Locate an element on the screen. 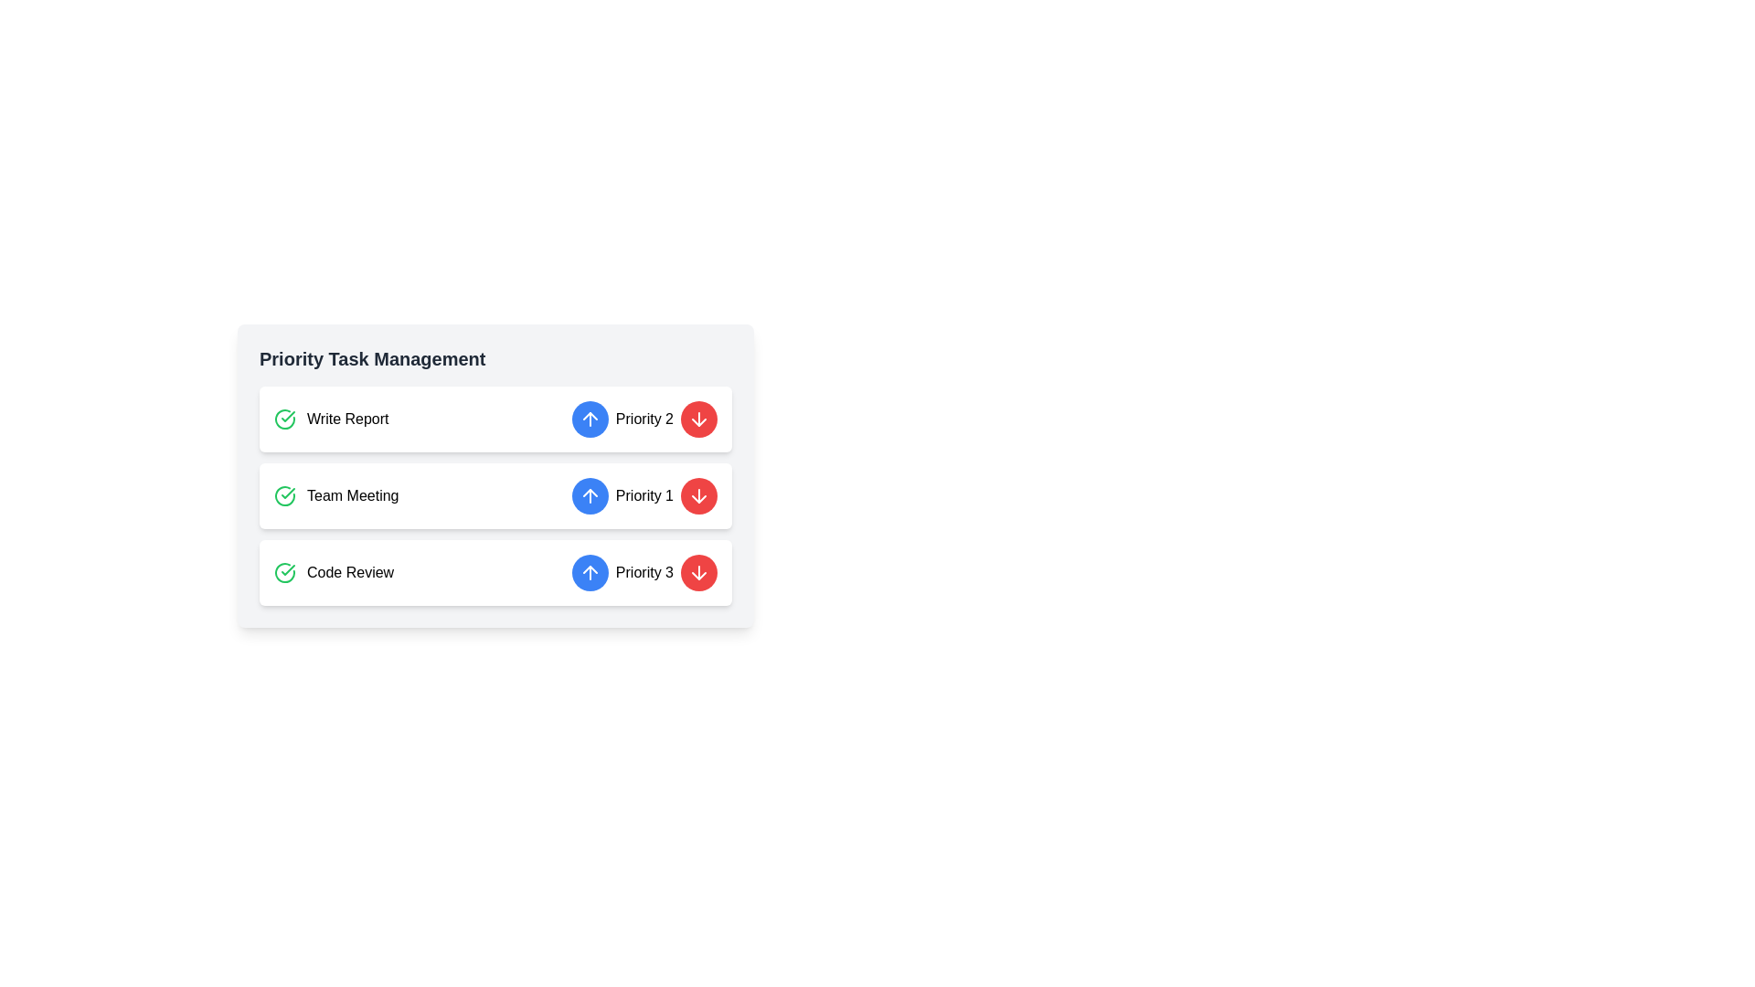 The width and height of the screenshot is (1755, 987). the circular button with a red background and white downward arrow icon, located to the right of the 'Priority 2' label in the first row of the priority task management list is located at coordinates (697, 419).